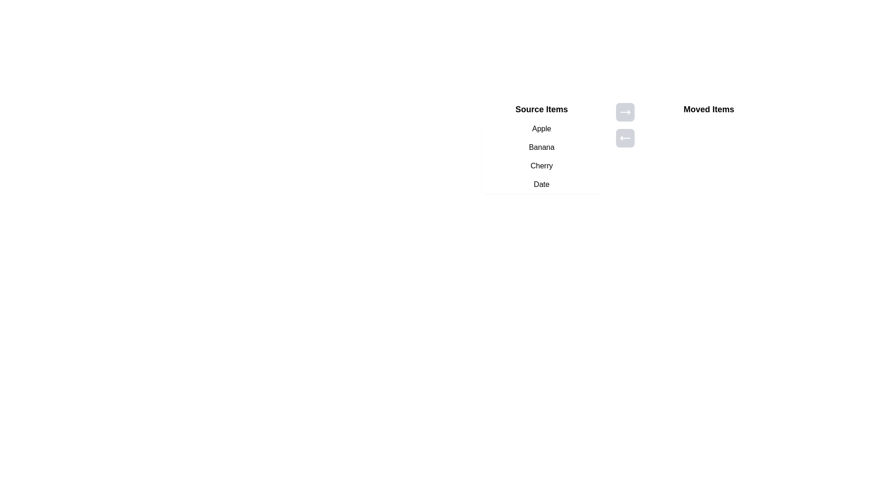 This screenshot has width=892, height=501. Describe the element at coordinates (625, 148) in the screenshot. I see `the square button with a light background and a left-facing arrow icon, positioned below another button and to the right of the 'Source Items' section, to potentially display a tooltip` at that location.